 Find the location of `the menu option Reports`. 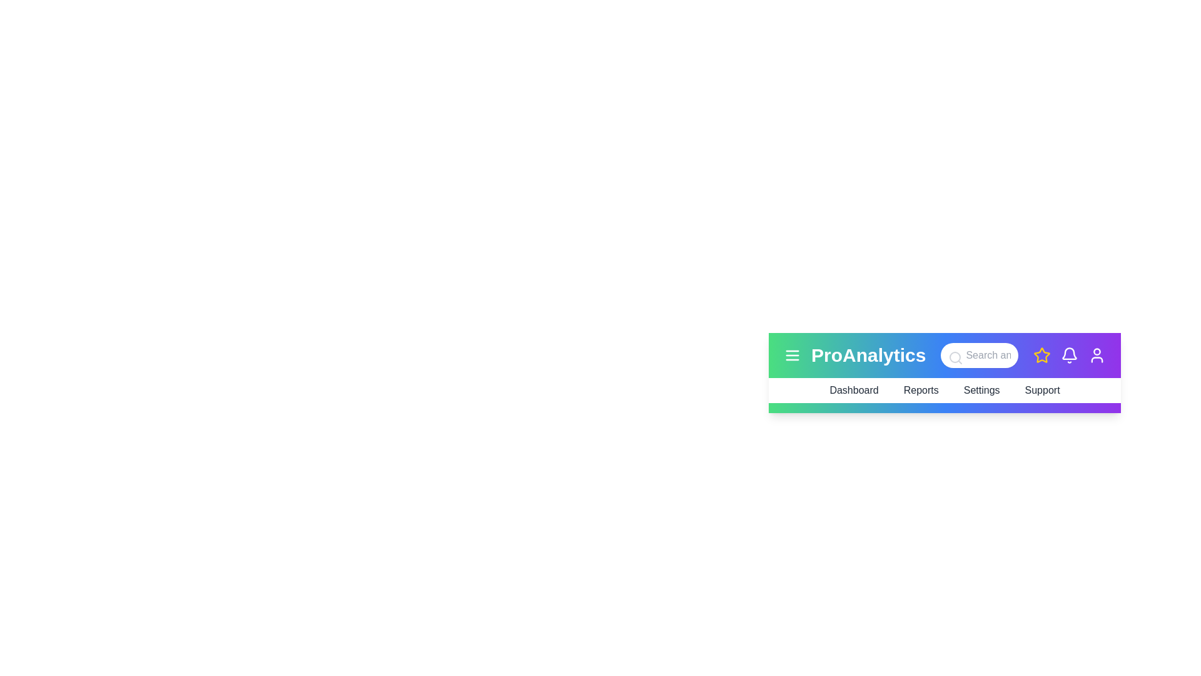

the menu option Reports is located at coordinates (921, 390).